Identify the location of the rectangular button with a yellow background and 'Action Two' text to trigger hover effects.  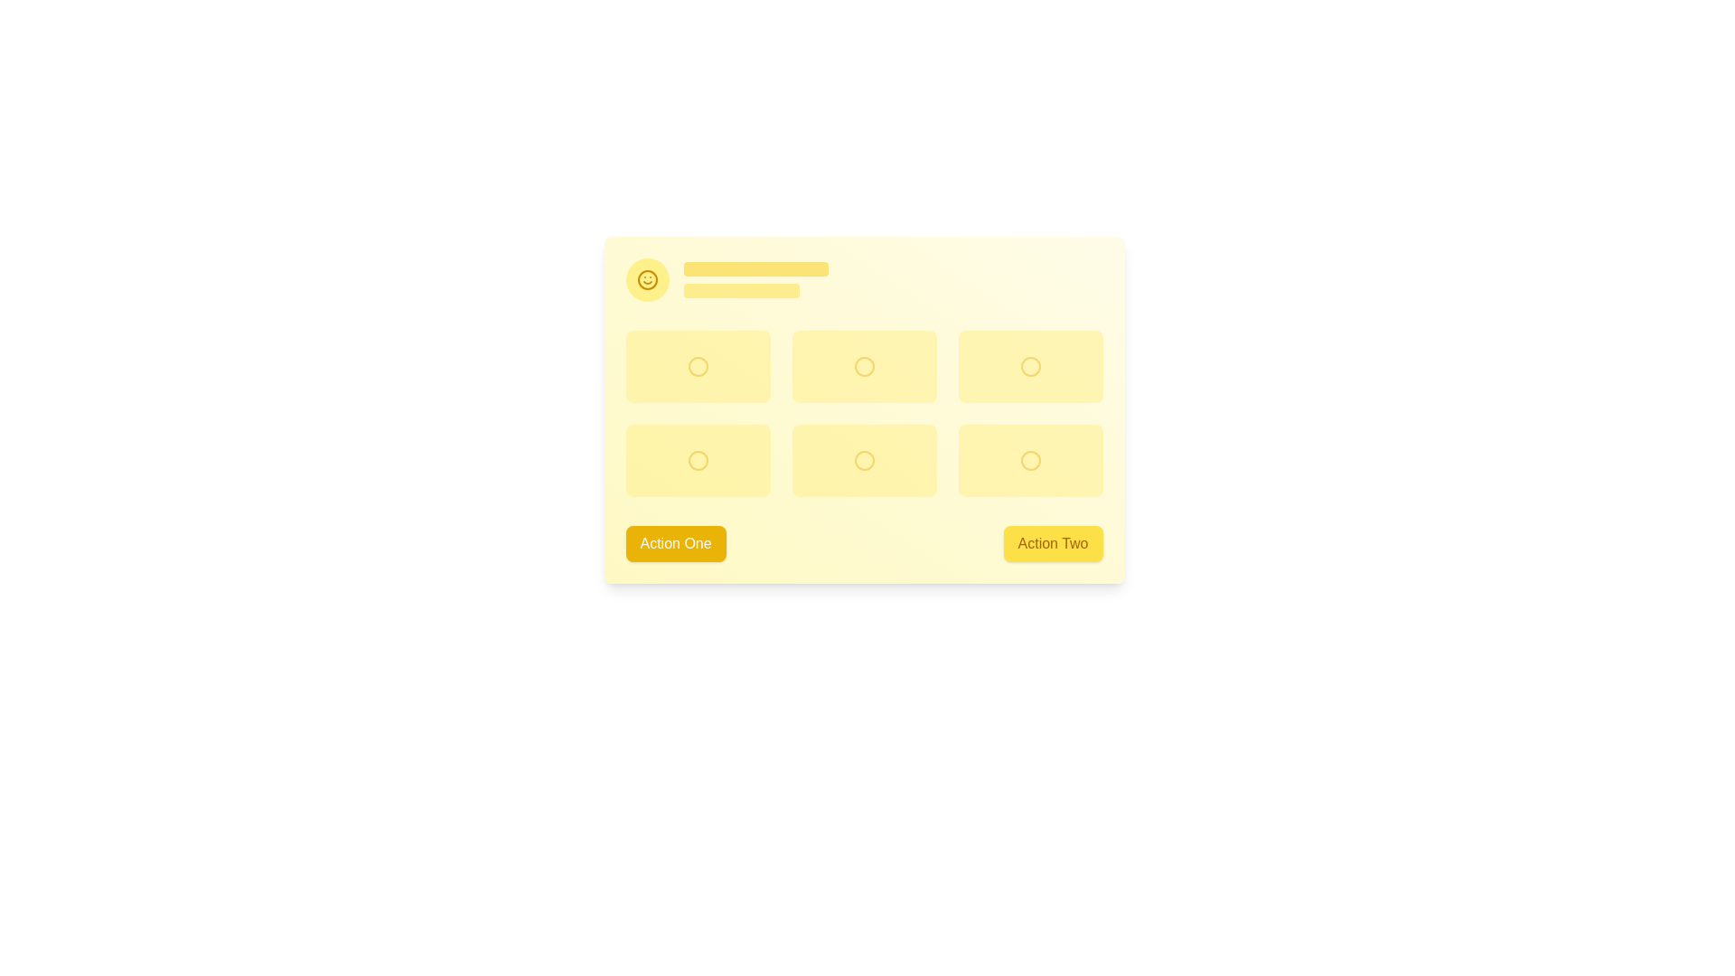
(1053, 542).